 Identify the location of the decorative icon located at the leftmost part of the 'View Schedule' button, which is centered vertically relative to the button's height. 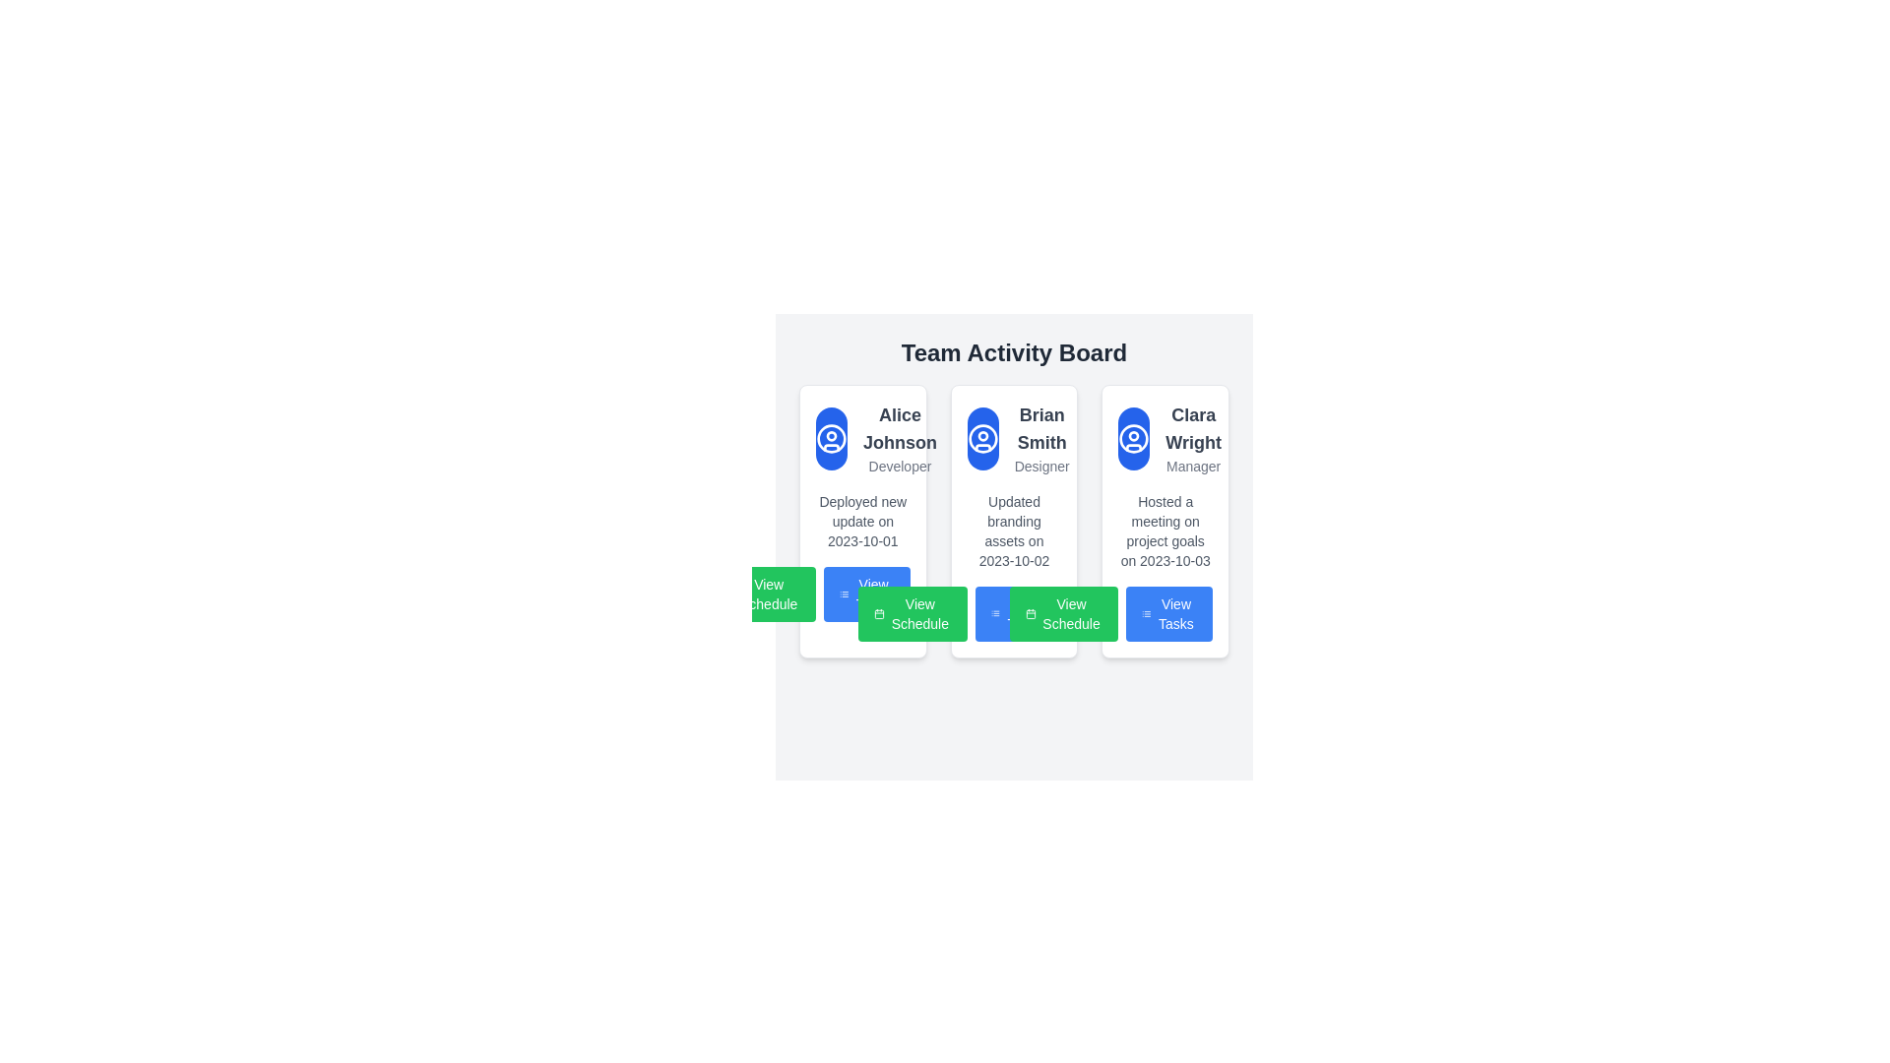
(1030, 613).